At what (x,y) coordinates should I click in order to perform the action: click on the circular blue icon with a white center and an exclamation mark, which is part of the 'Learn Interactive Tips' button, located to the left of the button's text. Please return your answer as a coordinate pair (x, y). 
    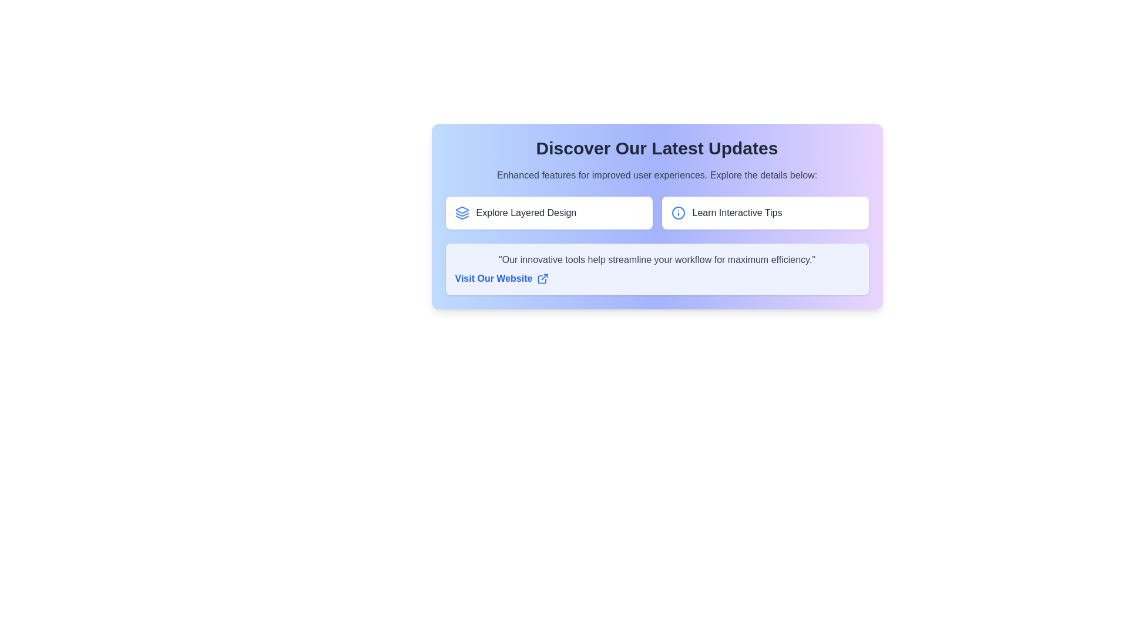
    Looking at the image, I should click on (678, 213).